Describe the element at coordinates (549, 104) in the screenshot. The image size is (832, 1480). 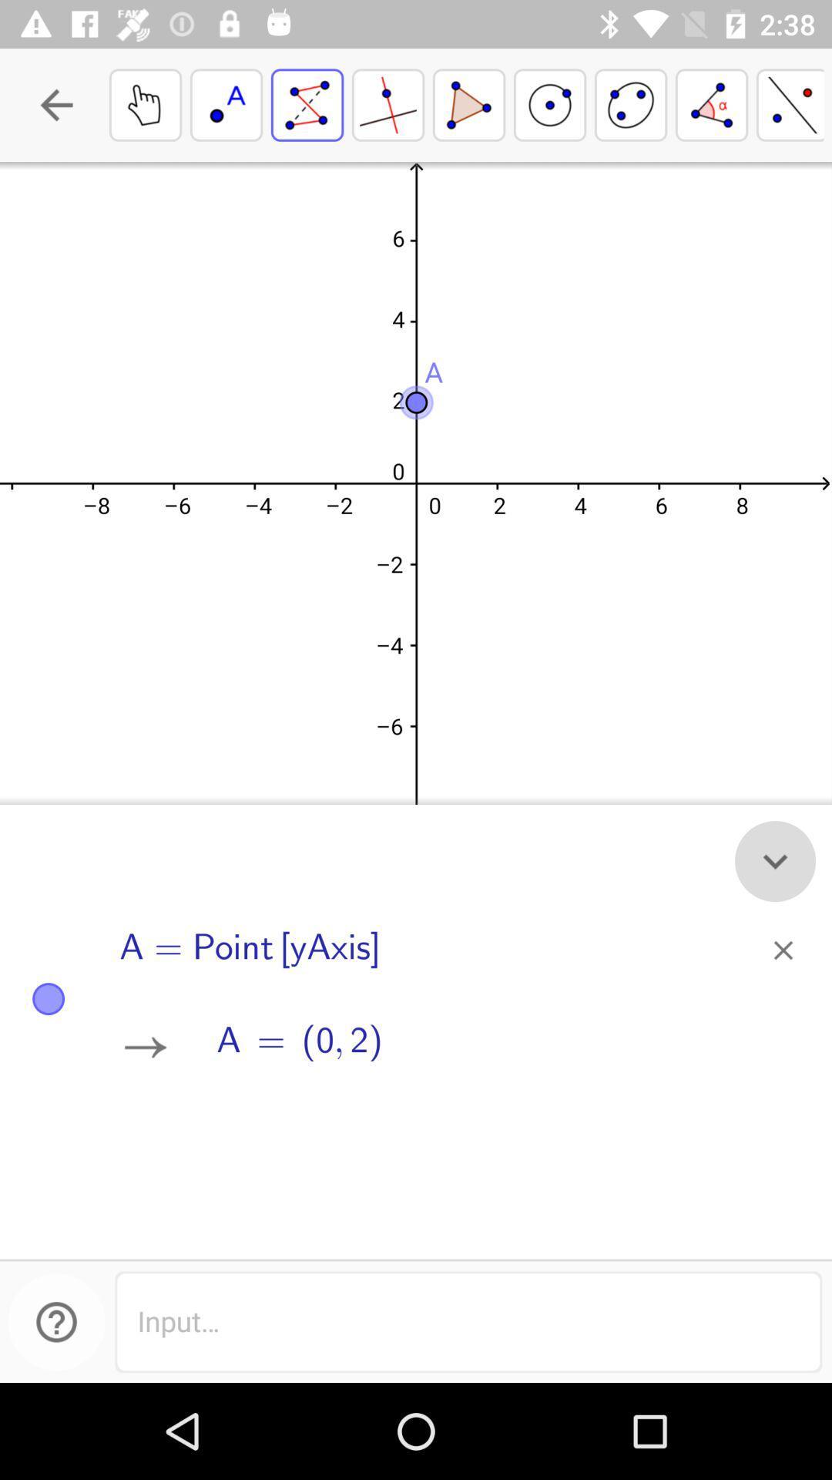
I see `the fourth box from the top right corner` at that location.